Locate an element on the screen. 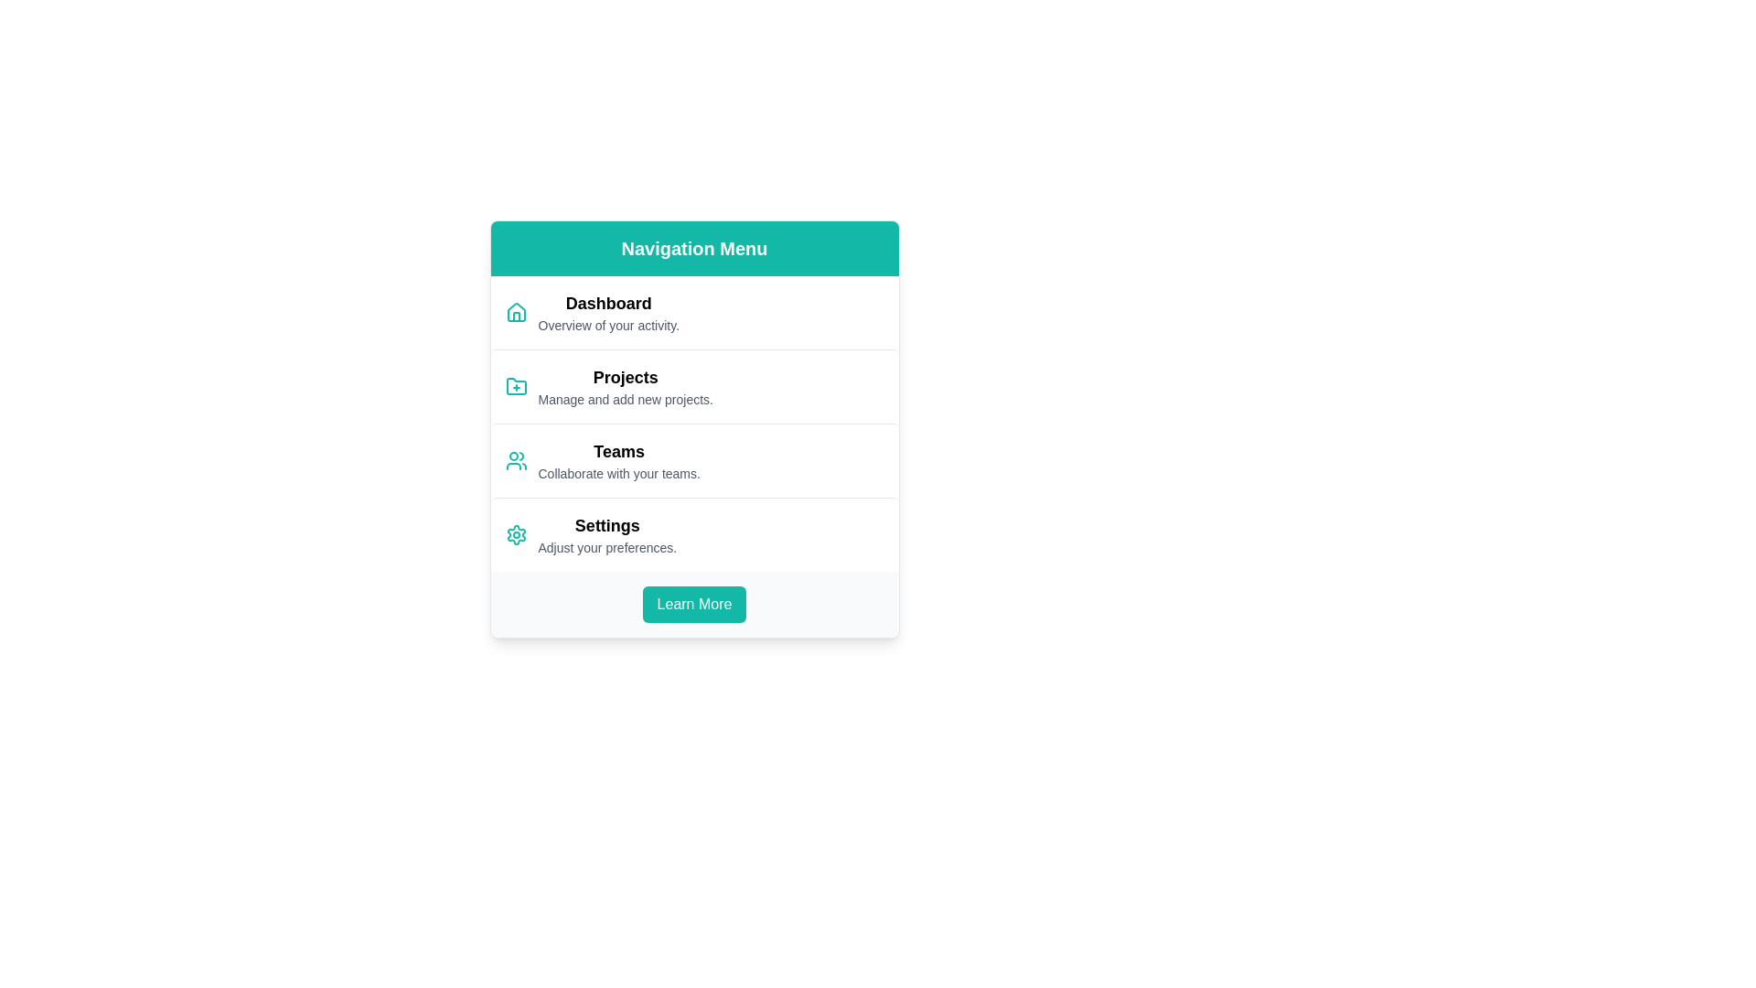 The image size is (1756, 988). the 'Navigation Menu' text label is located at coordinates (693, 249).